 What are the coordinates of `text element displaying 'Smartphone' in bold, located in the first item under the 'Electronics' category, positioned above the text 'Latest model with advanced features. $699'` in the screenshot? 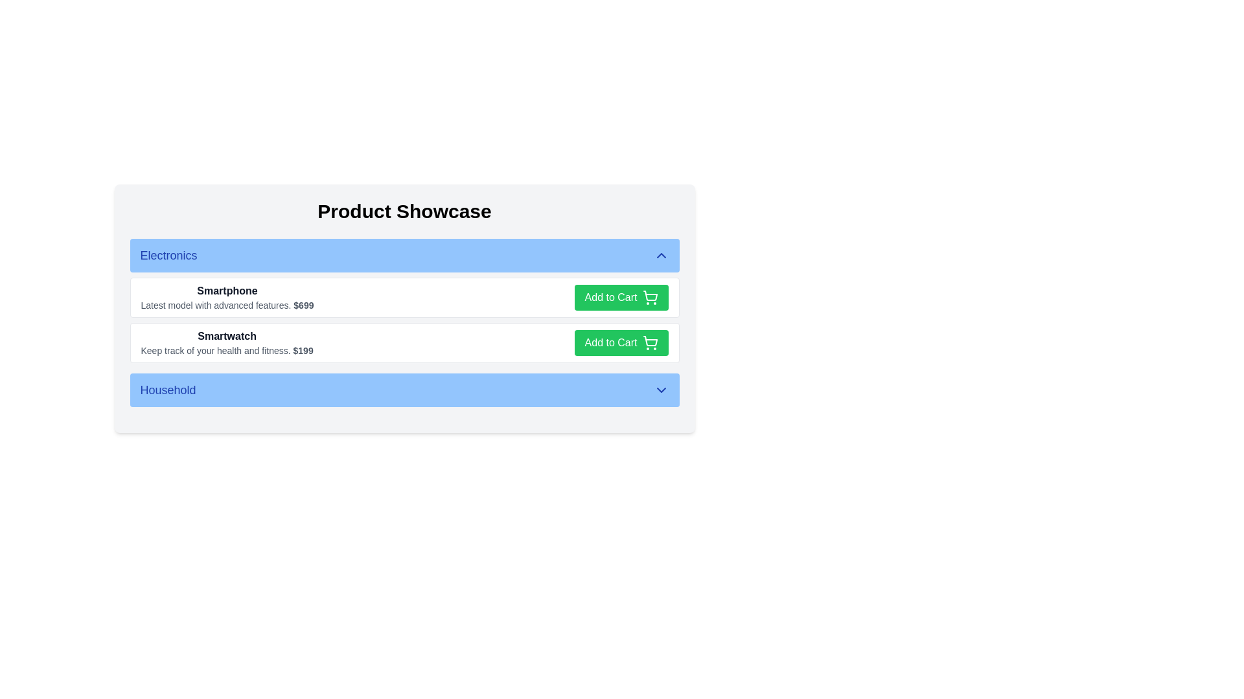 It's located at (227, 291).